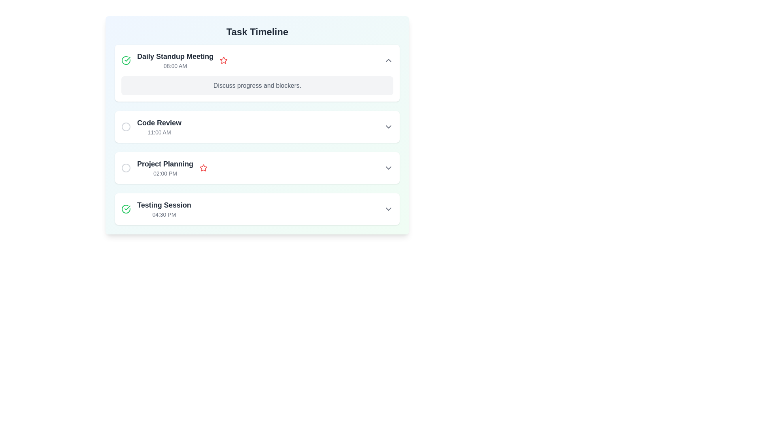  I want to click on the static text display showing the scheduled time '04:30 PM' for the task labeled 'Testing Session', which is located below the title in the task timeline section, so click(164, 215).